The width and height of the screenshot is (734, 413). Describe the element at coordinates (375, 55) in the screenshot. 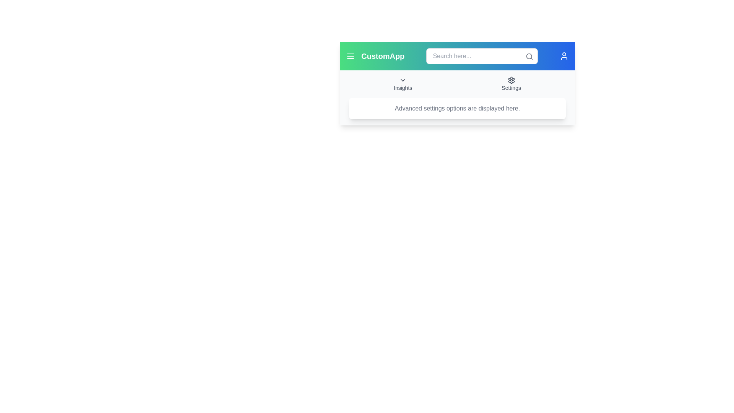

I see `the text label displaying 'CustomApp' in bold white font against a gradient green background, located in the top-left corner of the header bar` at that location.